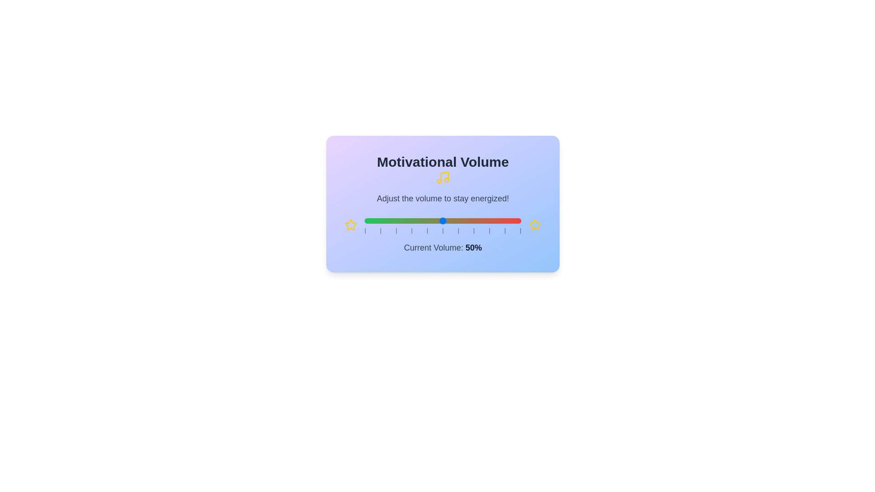  I want to click on the volume slider to set the volume to 79%, so click(488, 221).